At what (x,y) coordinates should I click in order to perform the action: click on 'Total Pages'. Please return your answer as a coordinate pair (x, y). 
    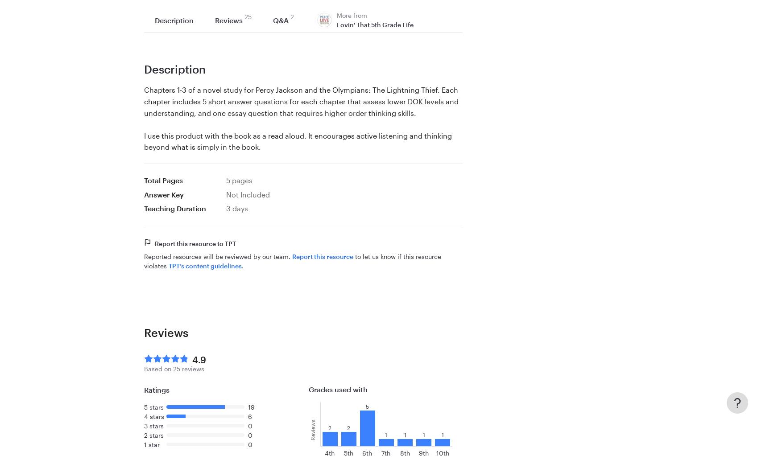
    Looking at the image, I should click on (163, 179).